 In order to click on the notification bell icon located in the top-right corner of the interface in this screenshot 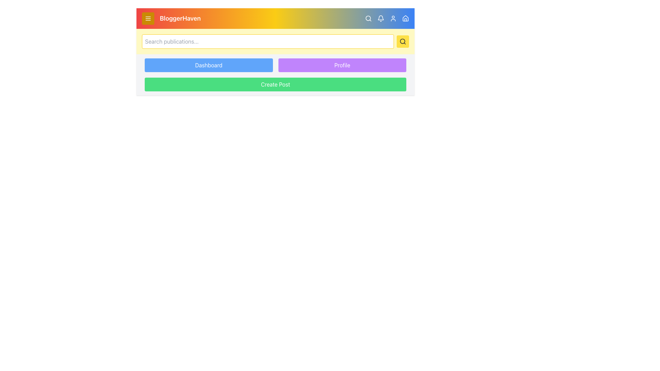, I will do `click(387, 18)`.